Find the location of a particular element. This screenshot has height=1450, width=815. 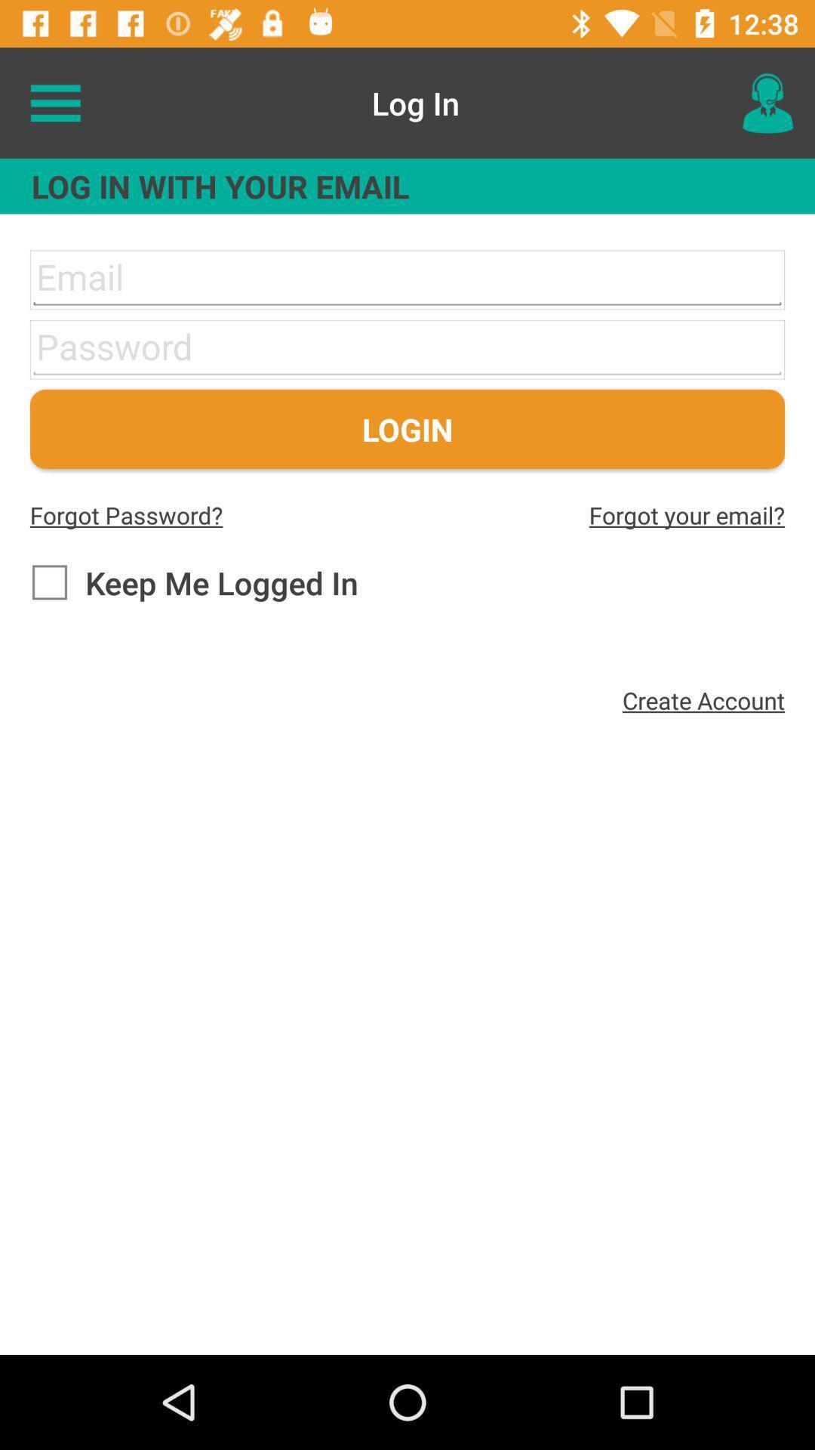

icon at the top right corner is located at coordinates (767, 102).